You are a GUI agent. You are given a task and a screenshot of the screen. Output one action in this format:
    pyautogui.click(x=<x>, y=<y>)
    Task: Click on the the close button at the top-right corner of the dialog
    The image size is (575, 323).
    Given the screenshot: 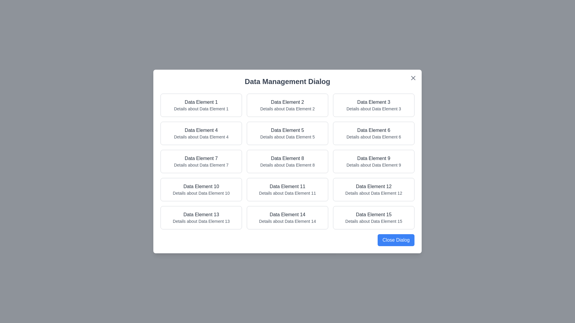 What is the action you would take?
    pyautogui.click(x=413, y=78)
    